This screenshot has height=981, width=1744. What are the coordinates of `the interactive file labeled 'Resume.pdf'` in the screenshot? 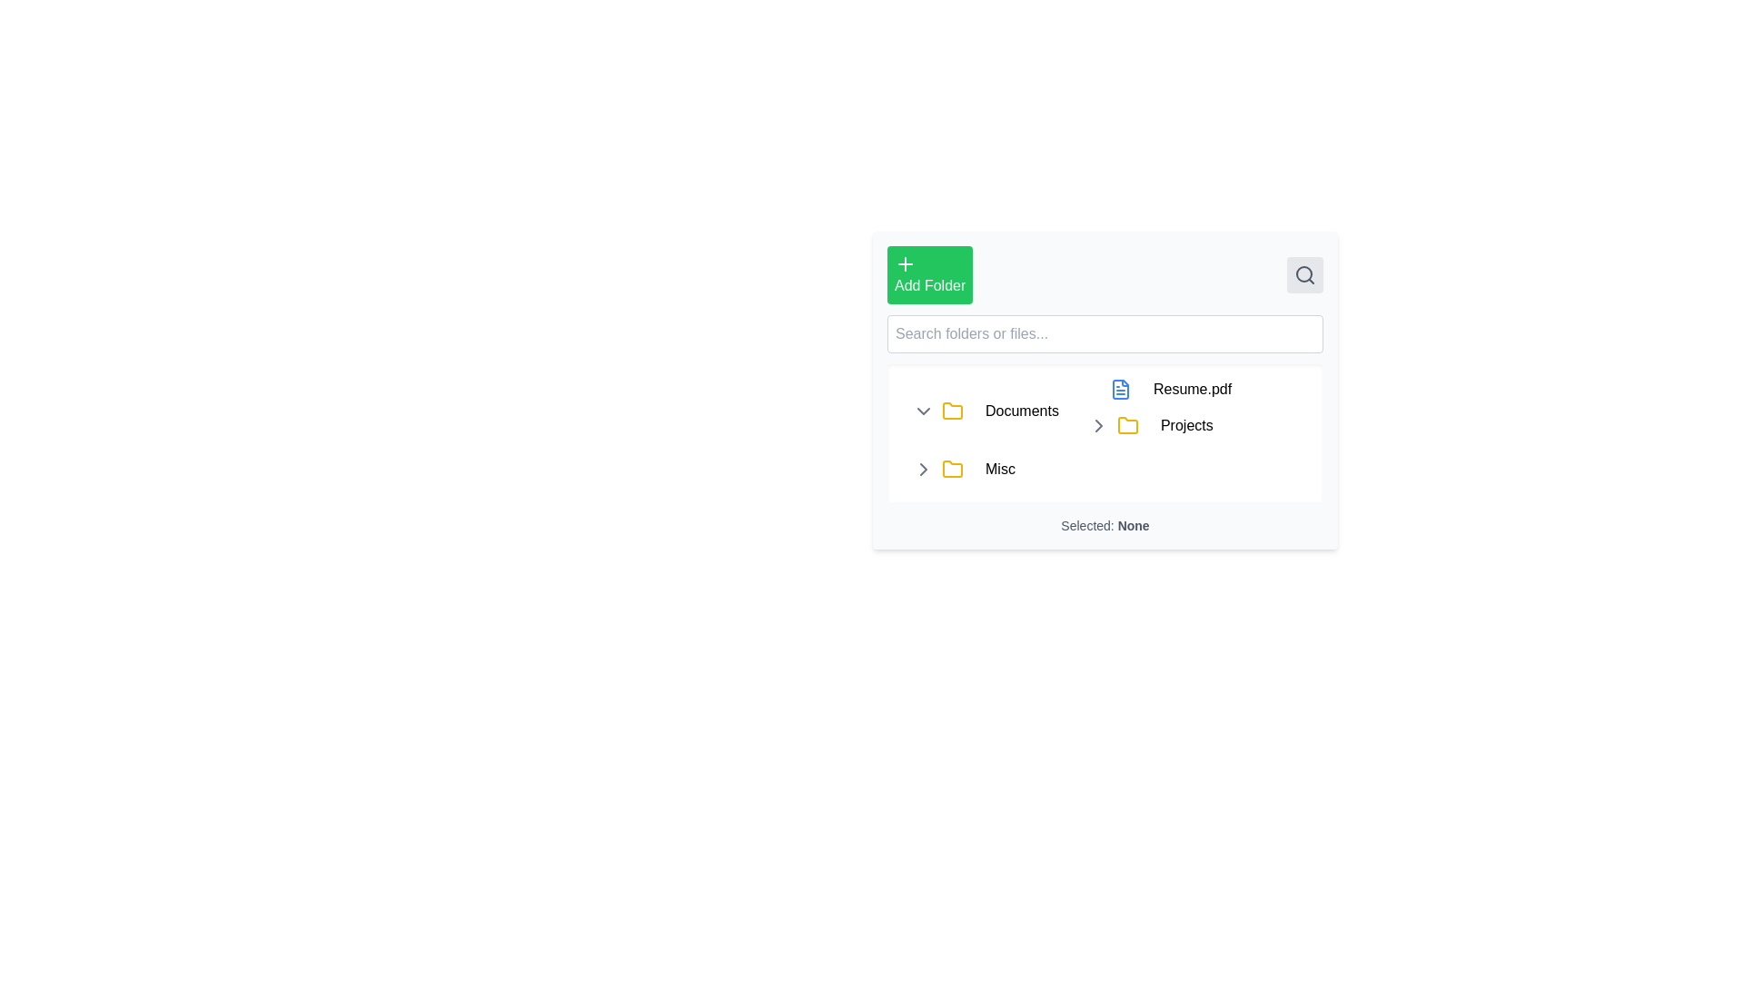 It's located at (1164, 388).